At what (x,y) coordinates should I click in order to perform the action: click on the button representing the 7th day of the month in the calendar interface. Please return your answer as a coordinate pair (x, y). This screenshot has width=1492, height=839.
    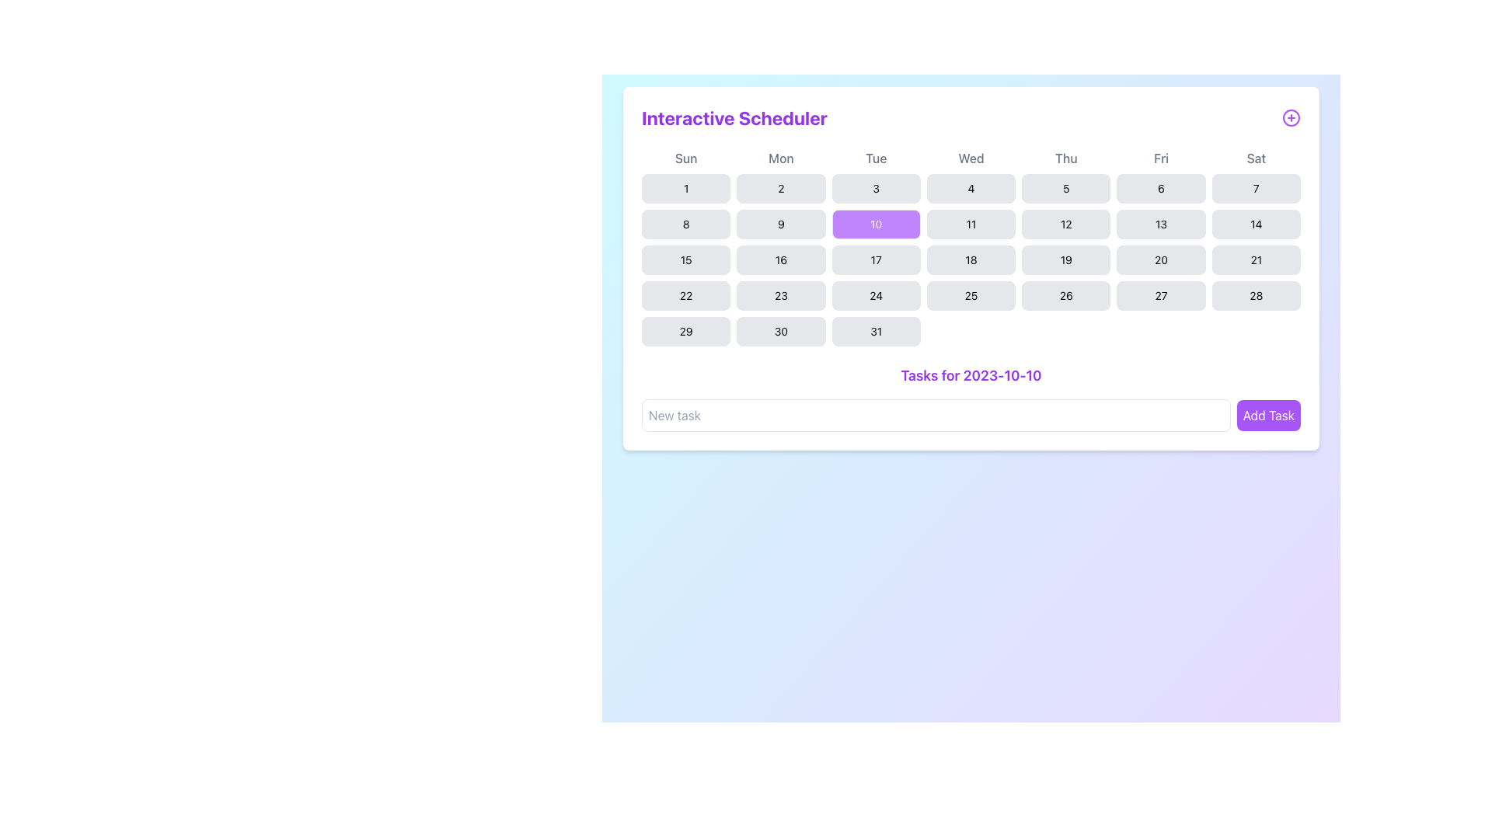
    Looking at the image, I should click on (1256, 188).